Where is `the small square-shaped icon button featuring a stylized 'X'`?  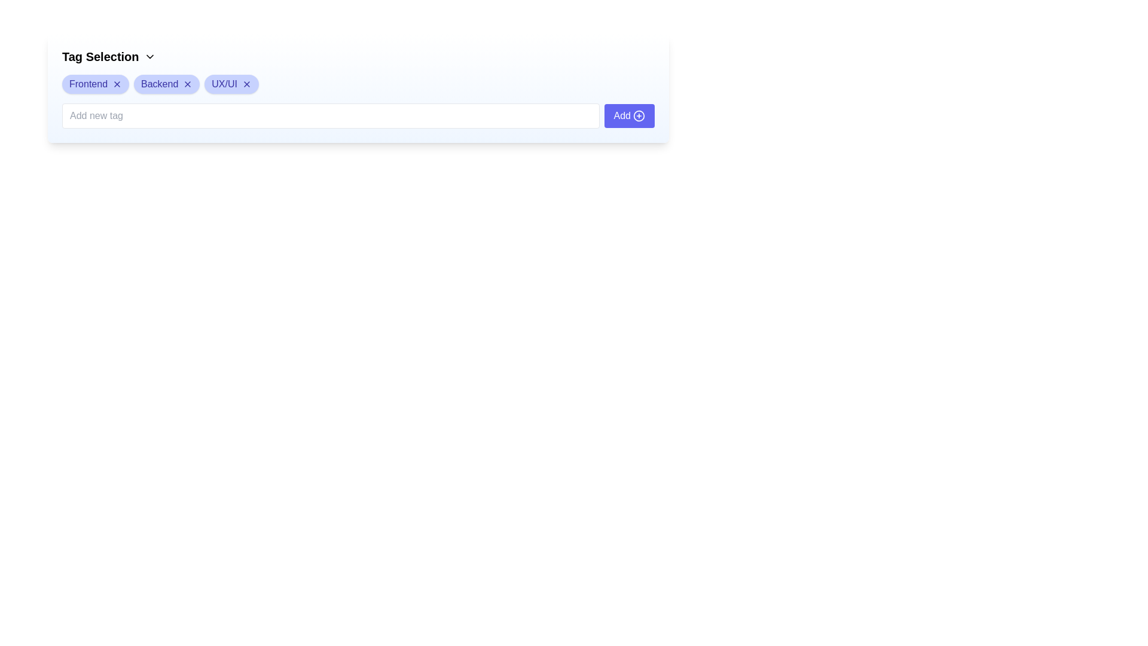 the small square-shaped icon button featuring a stylized 'X' is located at coordinates (187, 84).